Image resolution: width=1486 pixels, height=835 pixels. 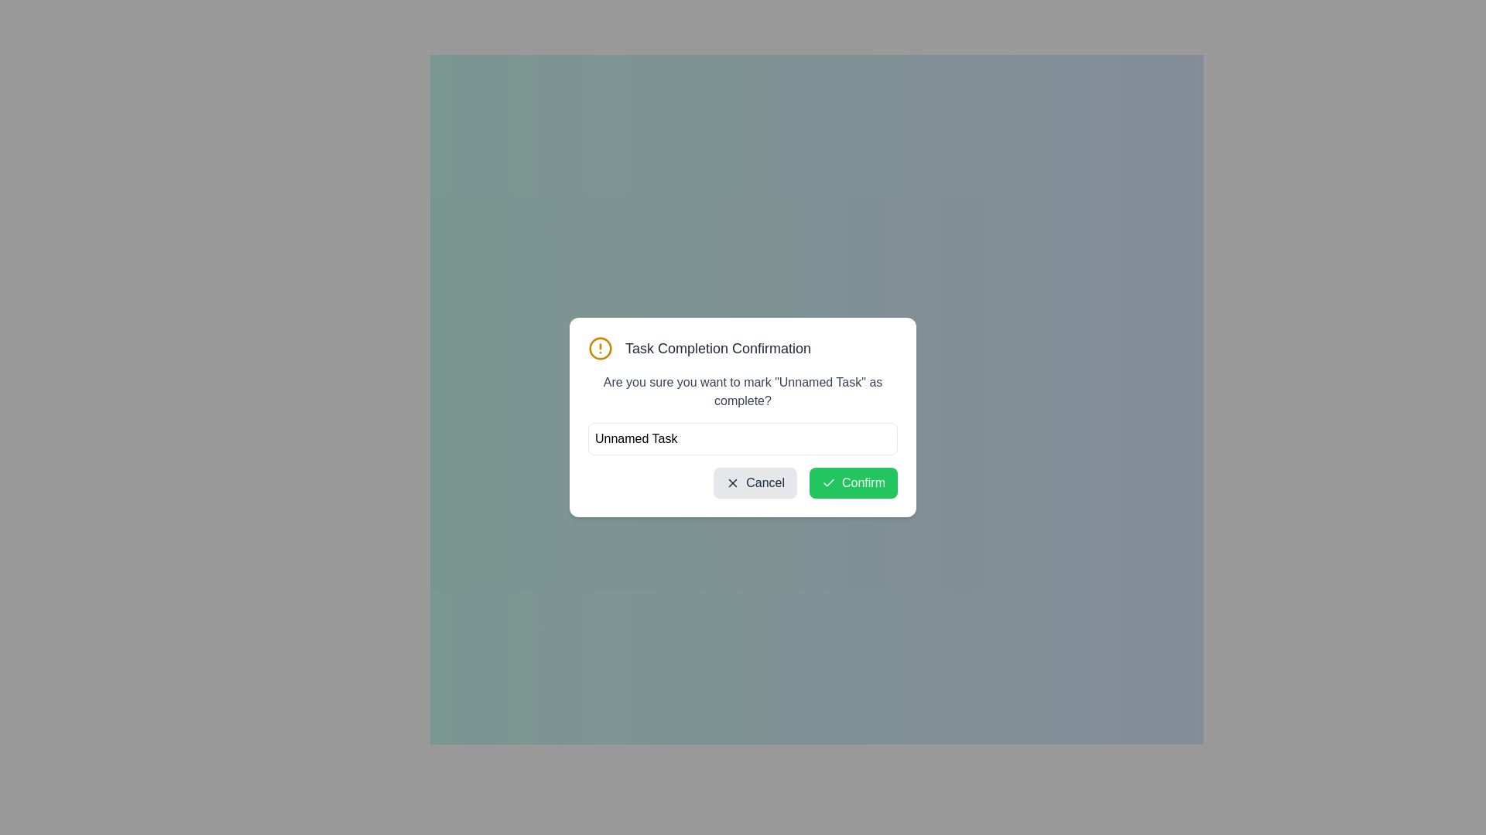 What do you see at coordinates (755, 482) in the screenshot?
I see `the cancel button located in the footer section of the modal dialog, which is the first button to the left of the 'Confirm' button` at bounding box center [755, 482].